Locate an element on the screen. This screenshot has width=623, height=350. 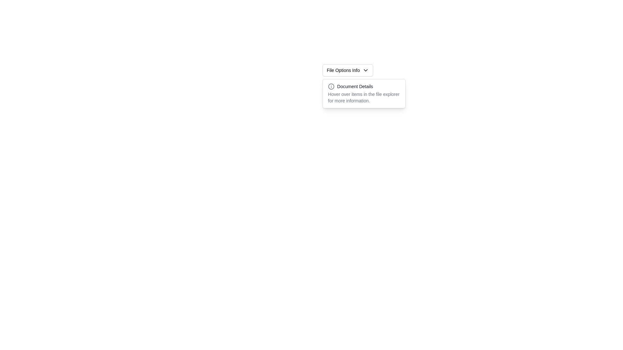
the information icon, which is a small gray circular icon with a dot in the center, located to the left of the 'Document Details' text, for additional details is located at coordinates (331, 86).